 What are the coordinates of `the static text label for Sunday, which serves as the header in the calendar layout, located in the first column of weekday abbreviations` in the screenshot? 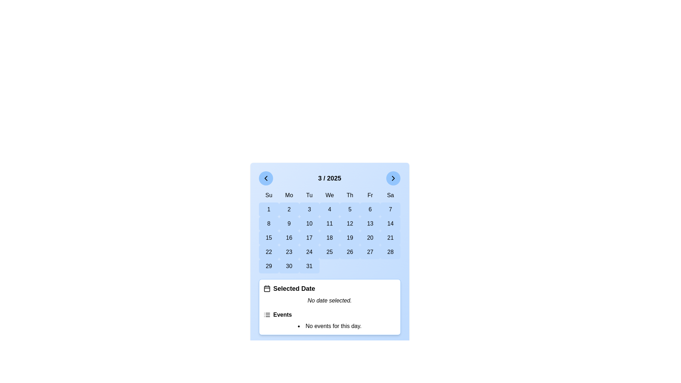 It's located at (268, 195).